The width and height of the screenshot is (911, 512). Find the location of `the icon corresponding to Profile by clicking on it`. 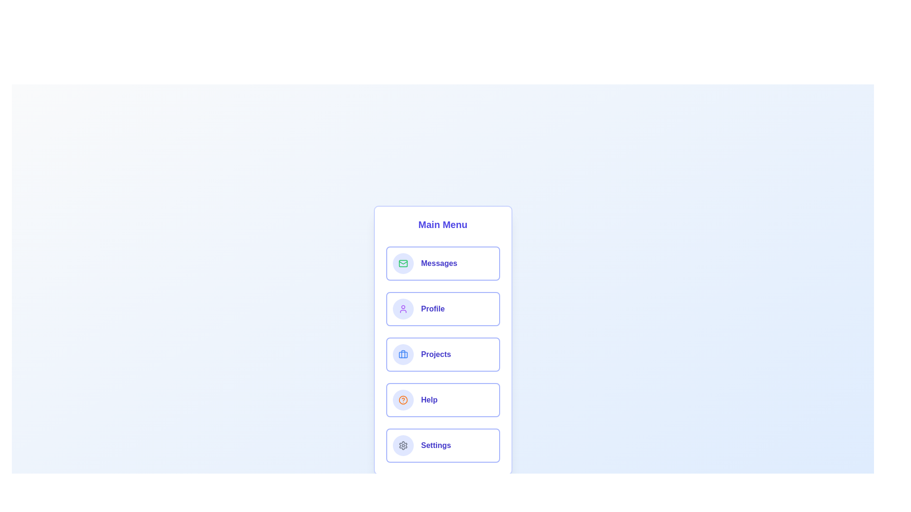

the icon corresponding to Profile by clicking on it is located at coordinates (403, 309).